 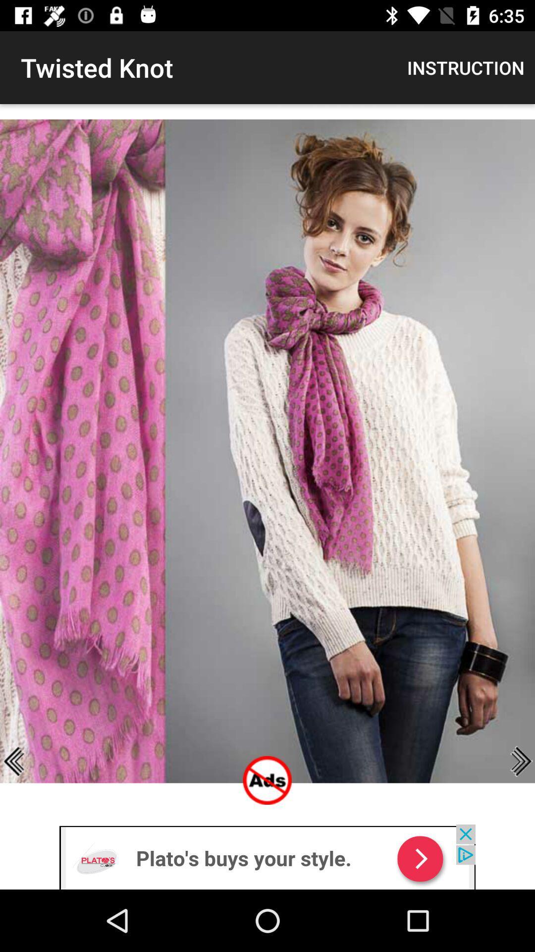 What do you see at coordinates (267, 856) in the screenshot?
I see `plato buys your style go-to` at bounding box center [267, 856].